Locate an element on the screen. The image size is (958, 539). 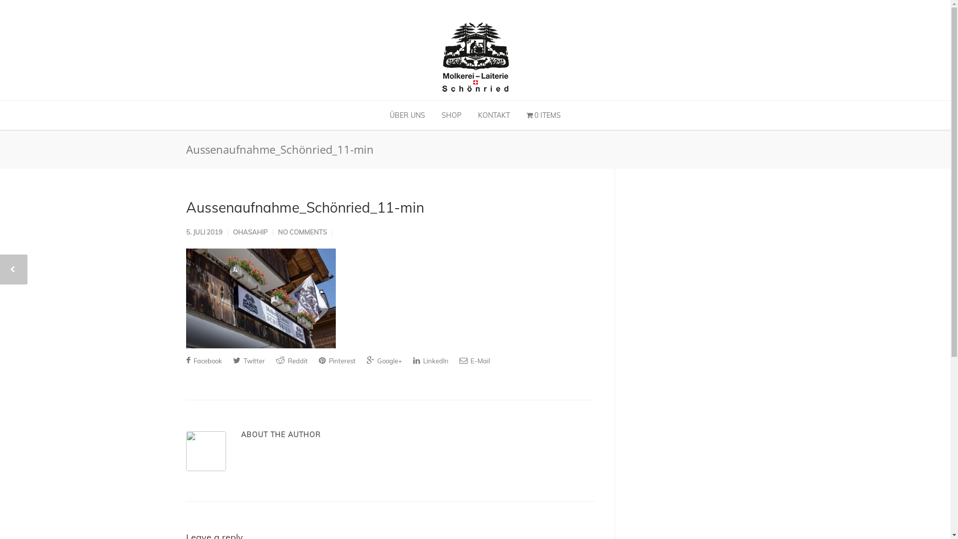
'Google+' is located at coordinates (383, 360).